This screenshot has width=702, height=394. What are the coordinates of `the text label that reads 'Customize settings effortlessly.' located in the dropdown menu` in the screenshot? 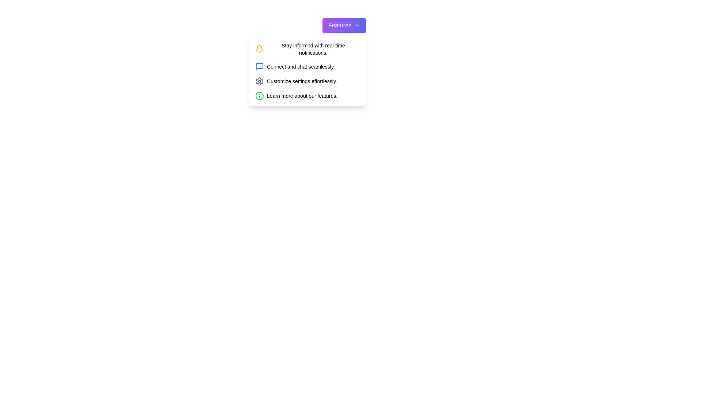 It's located at (302, 81).